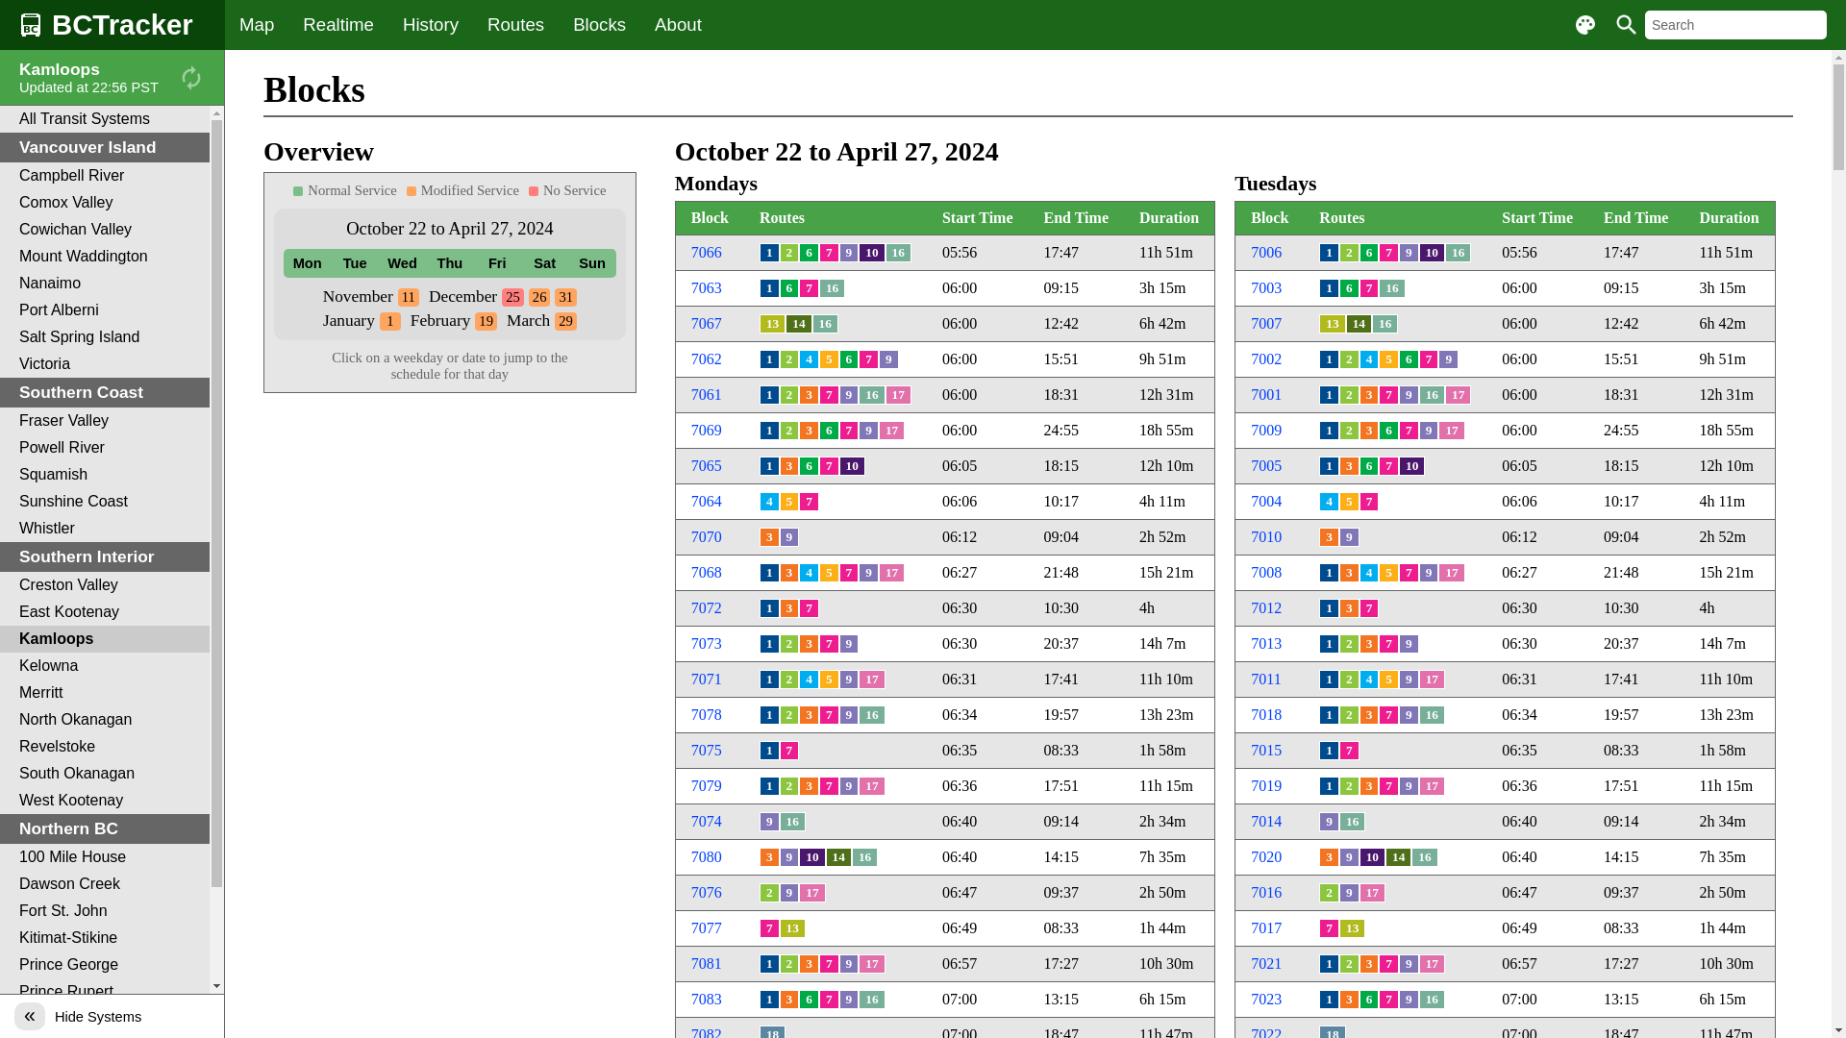  Describe the element at coordinates (809, 715) in the screenshot. I see `'3'` at that location.